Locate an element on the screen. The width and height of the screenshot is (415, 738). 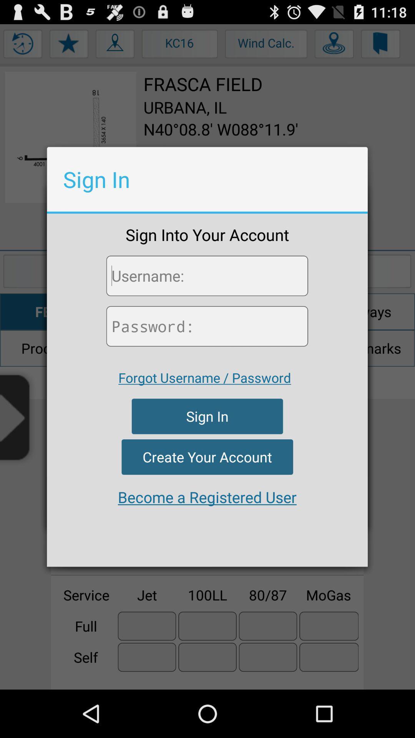
the become a registered item is located at coordinates (207, 497).